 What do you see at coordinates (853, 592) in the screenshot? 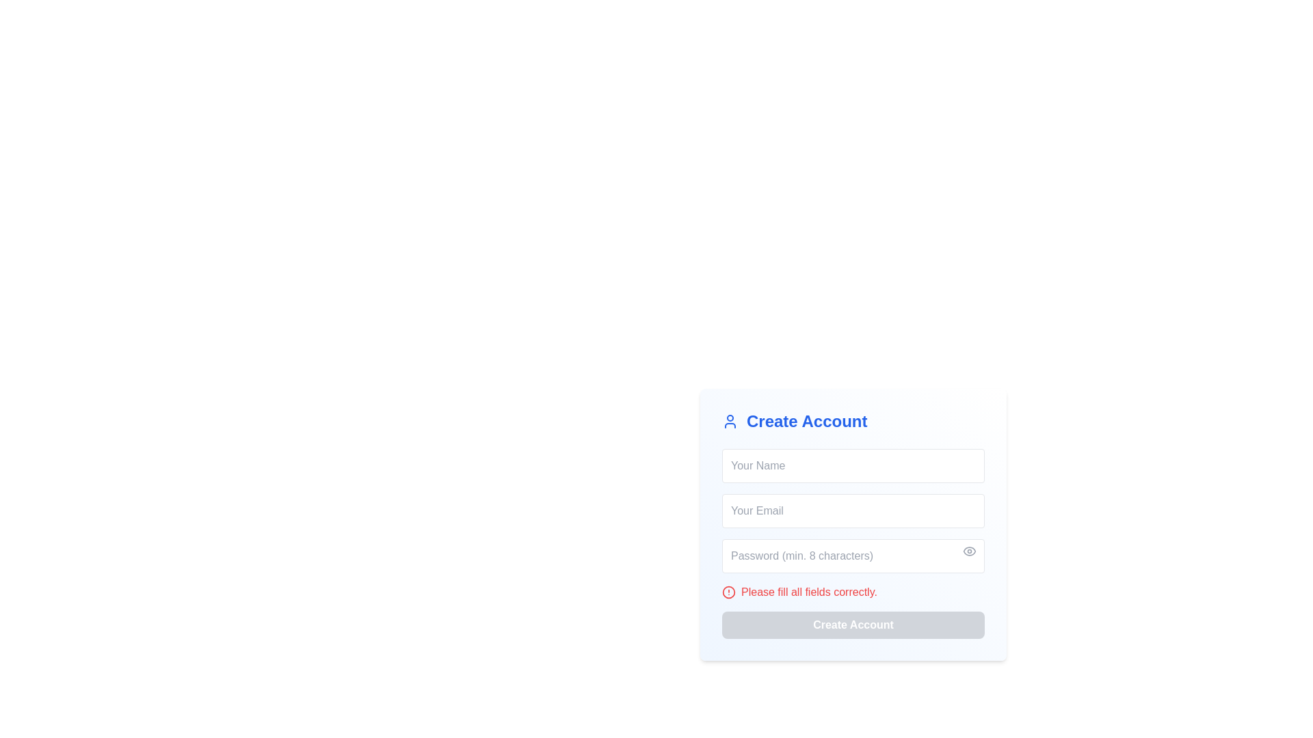
I see `validation error message displayed below the password input field and above the 'Create Account' button, which indicates incorrect input fields` at bounding box center [853, 592].